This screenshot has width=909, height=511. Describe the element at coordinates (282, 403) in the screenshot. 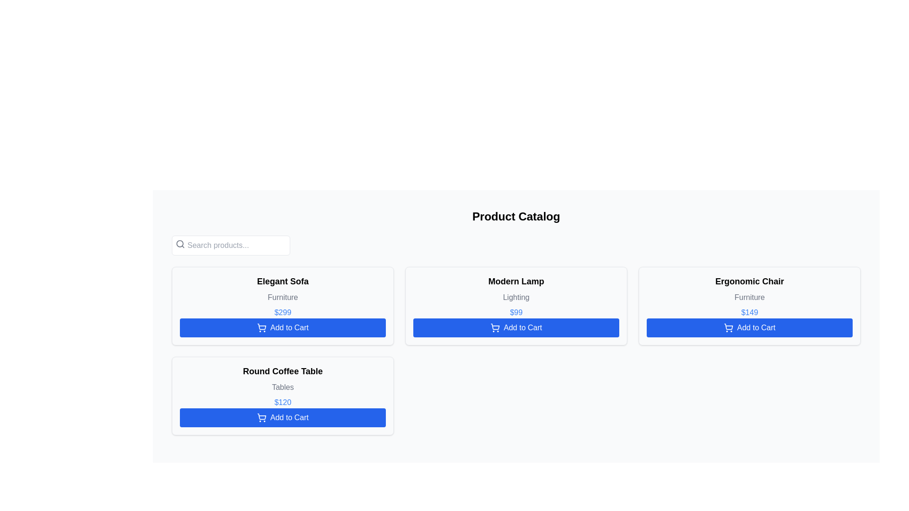

I see `the price label for the 'Round Coffee Table' located below the 'Tables' subtitle and above the 'Add to Cart' button` at that location.